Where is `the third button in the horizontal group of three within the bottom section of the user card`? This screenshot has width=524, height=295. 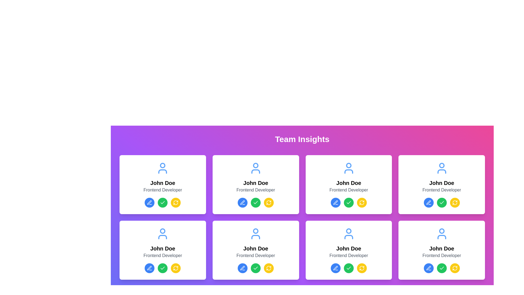 the third button in the horizontal group of three within the bottom section of the user card is located at coordinates (362, 202).